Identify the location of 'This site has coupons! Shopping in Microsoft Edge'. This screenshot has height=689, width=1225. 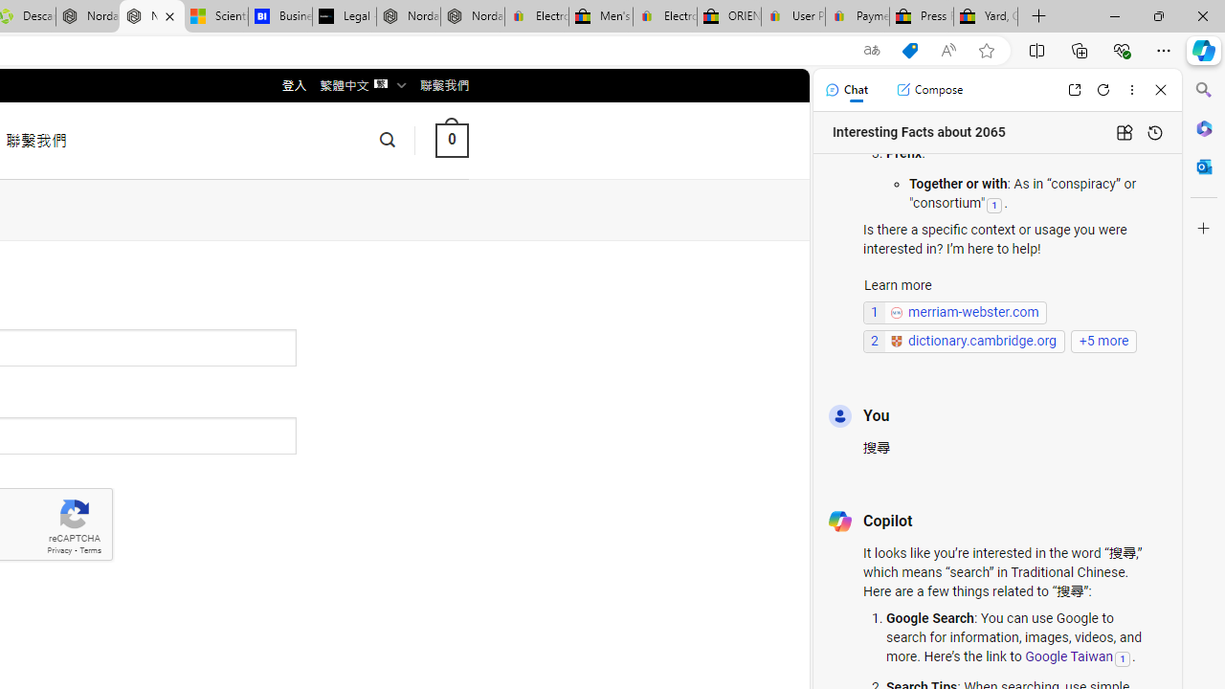
(909, 50).